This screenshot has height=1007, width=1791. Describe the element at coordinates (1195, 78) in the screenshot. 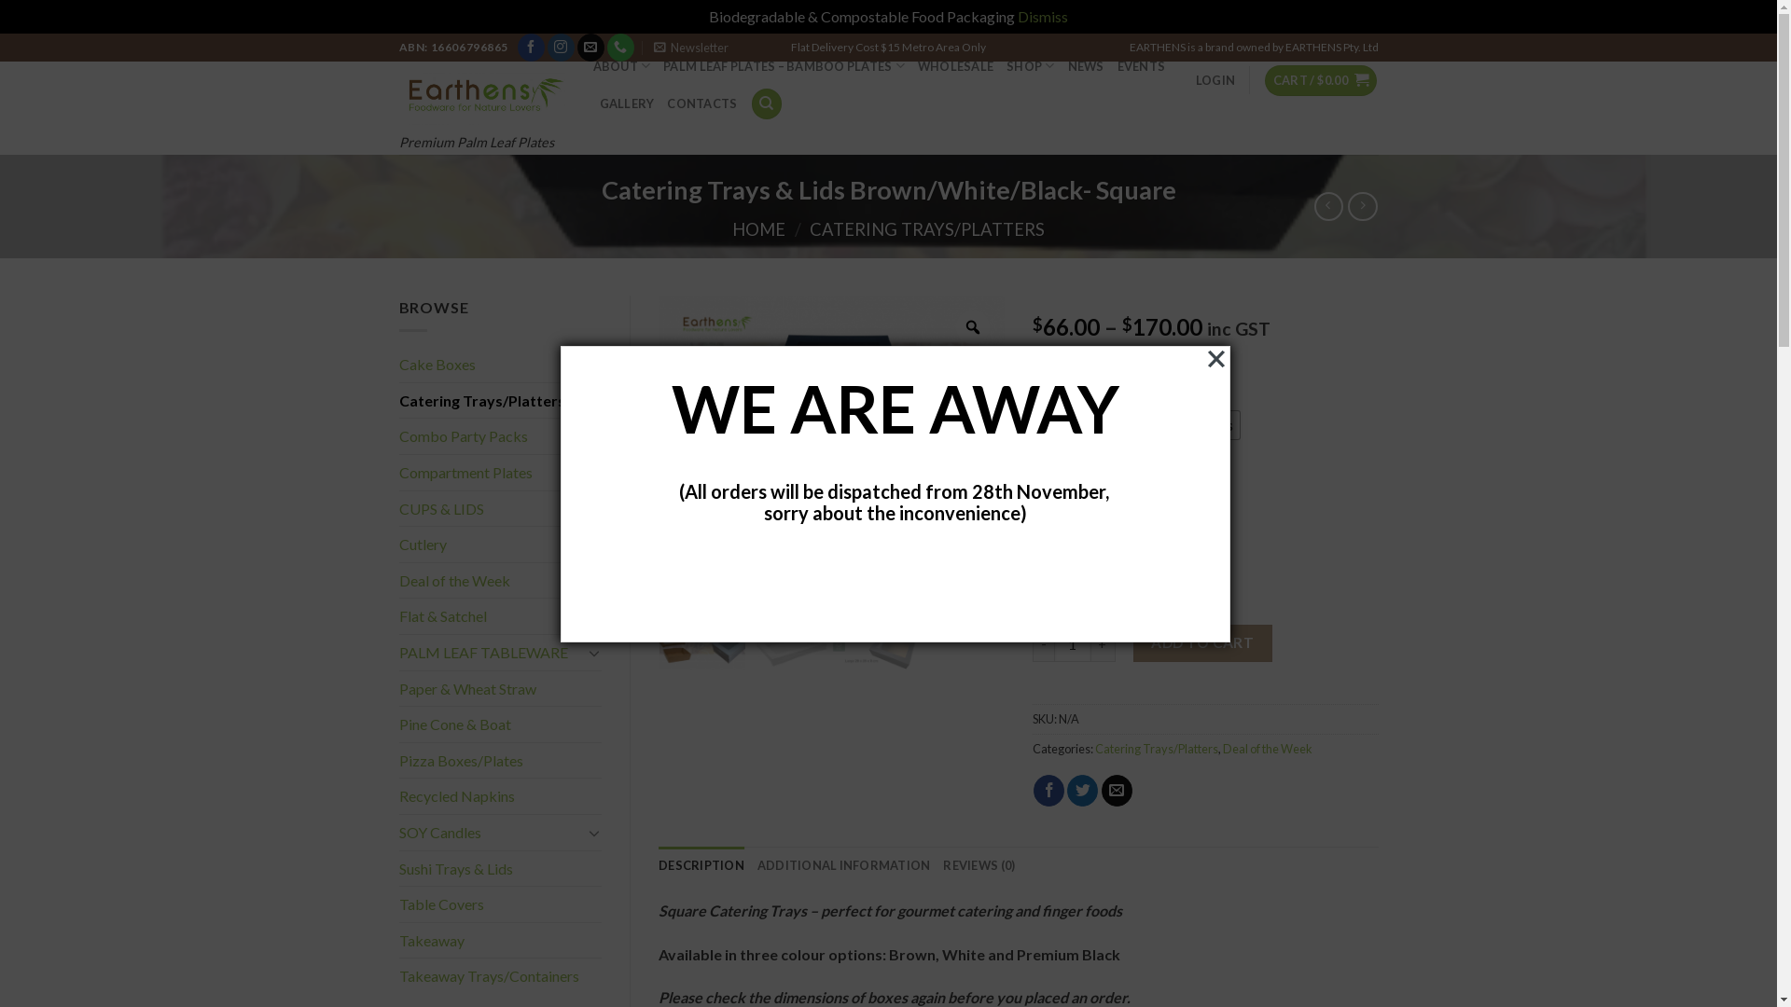

I see `'LOGIN'` at that location.